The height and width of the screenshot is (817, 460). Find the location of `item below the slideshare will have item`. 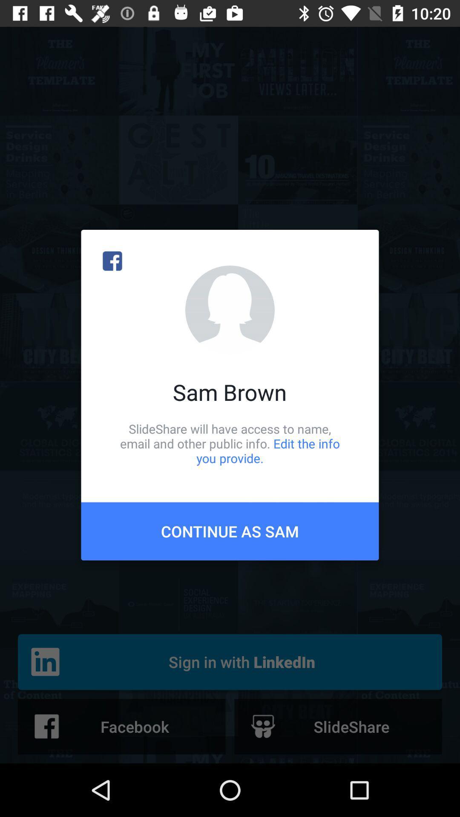

item below the slideshare will have item is located at coordinates (230, 531).